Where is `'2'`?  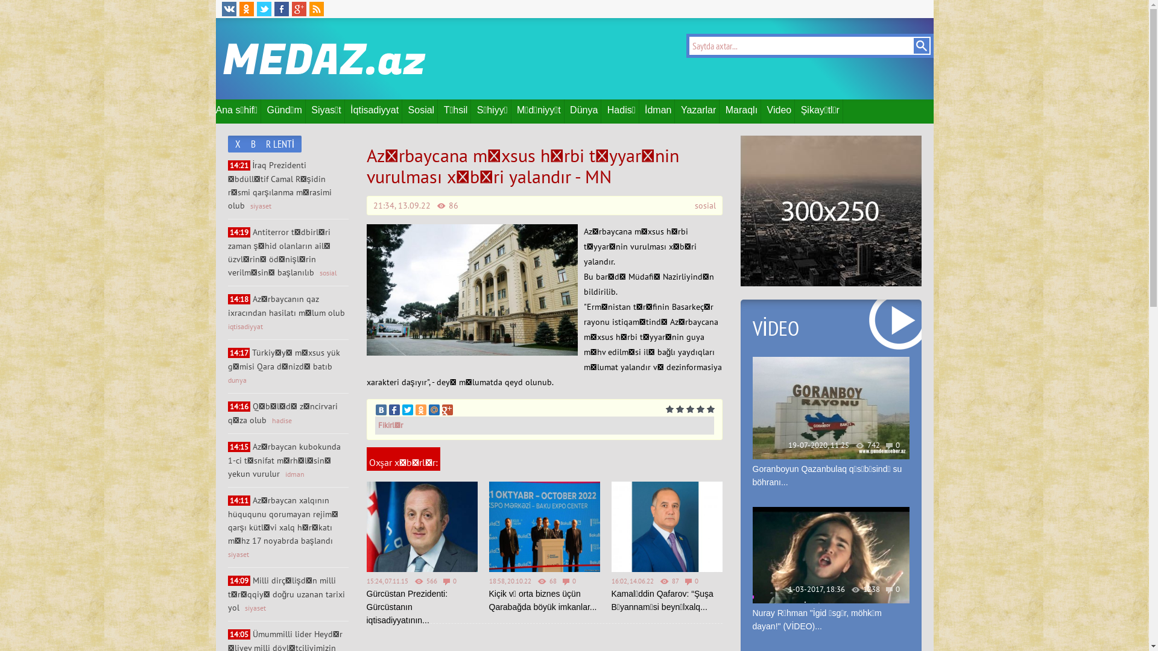 '2' is located at coordinates (679, 409).